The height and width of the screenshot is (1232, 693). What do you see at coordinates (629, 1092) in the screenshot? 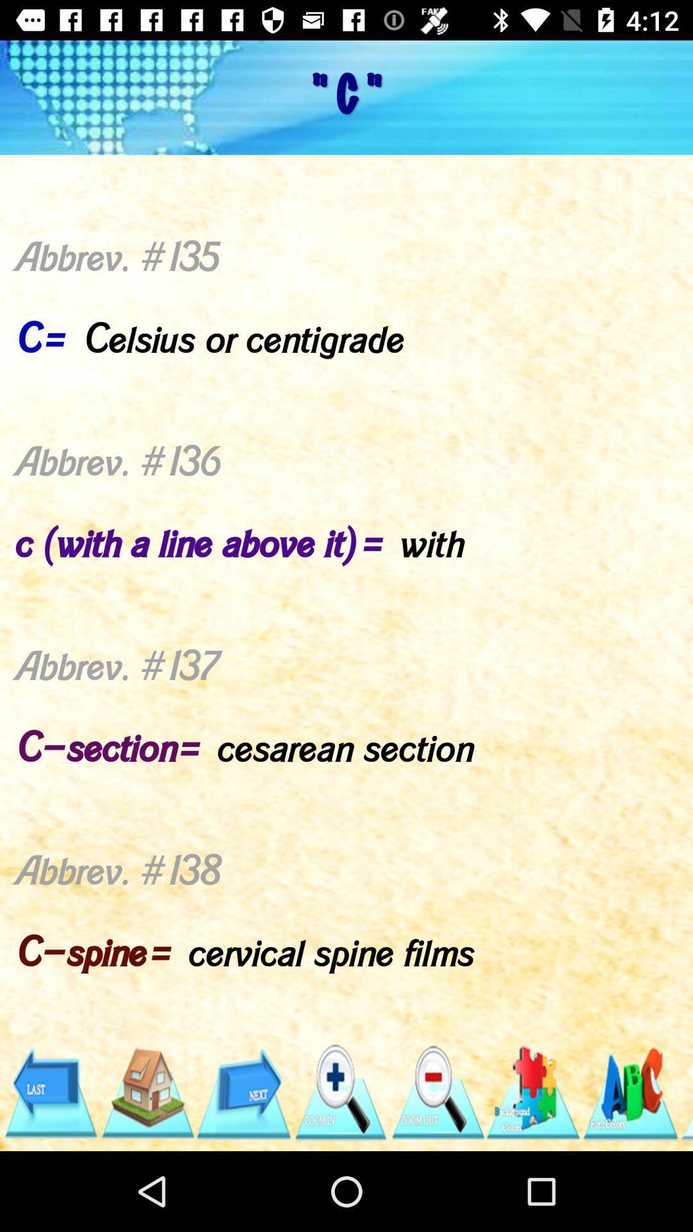
I see `icon below abbrev 	135	 	c	 item` at bounding box center [629, 1092].